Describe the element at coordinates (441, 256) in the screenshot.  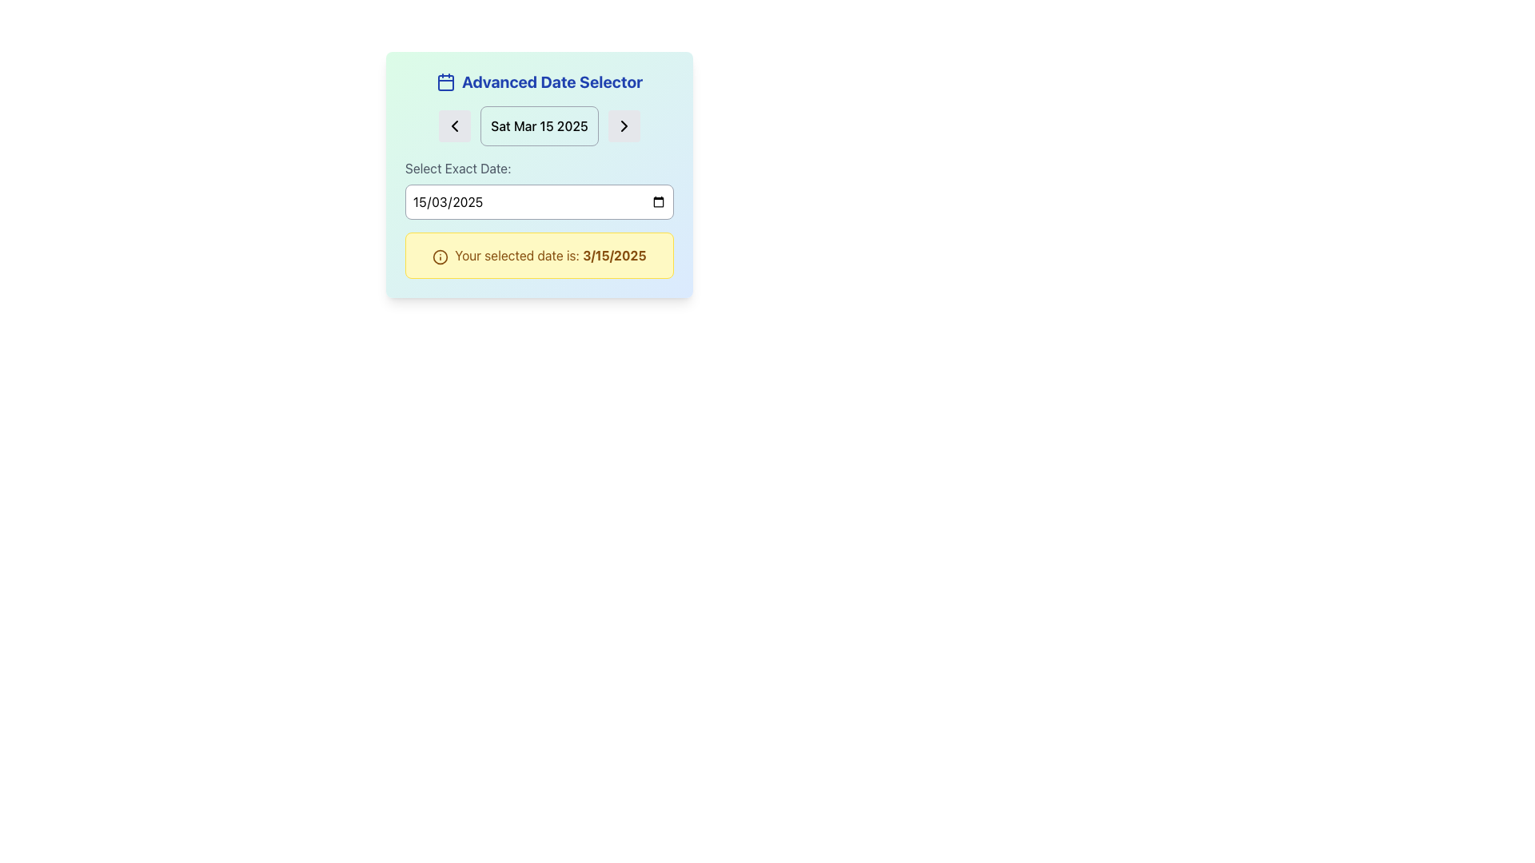
I see `the decorative hollow circle component of the SVG icon, located slightly to the left of the 'Advanced Date Selector' text` at that location.